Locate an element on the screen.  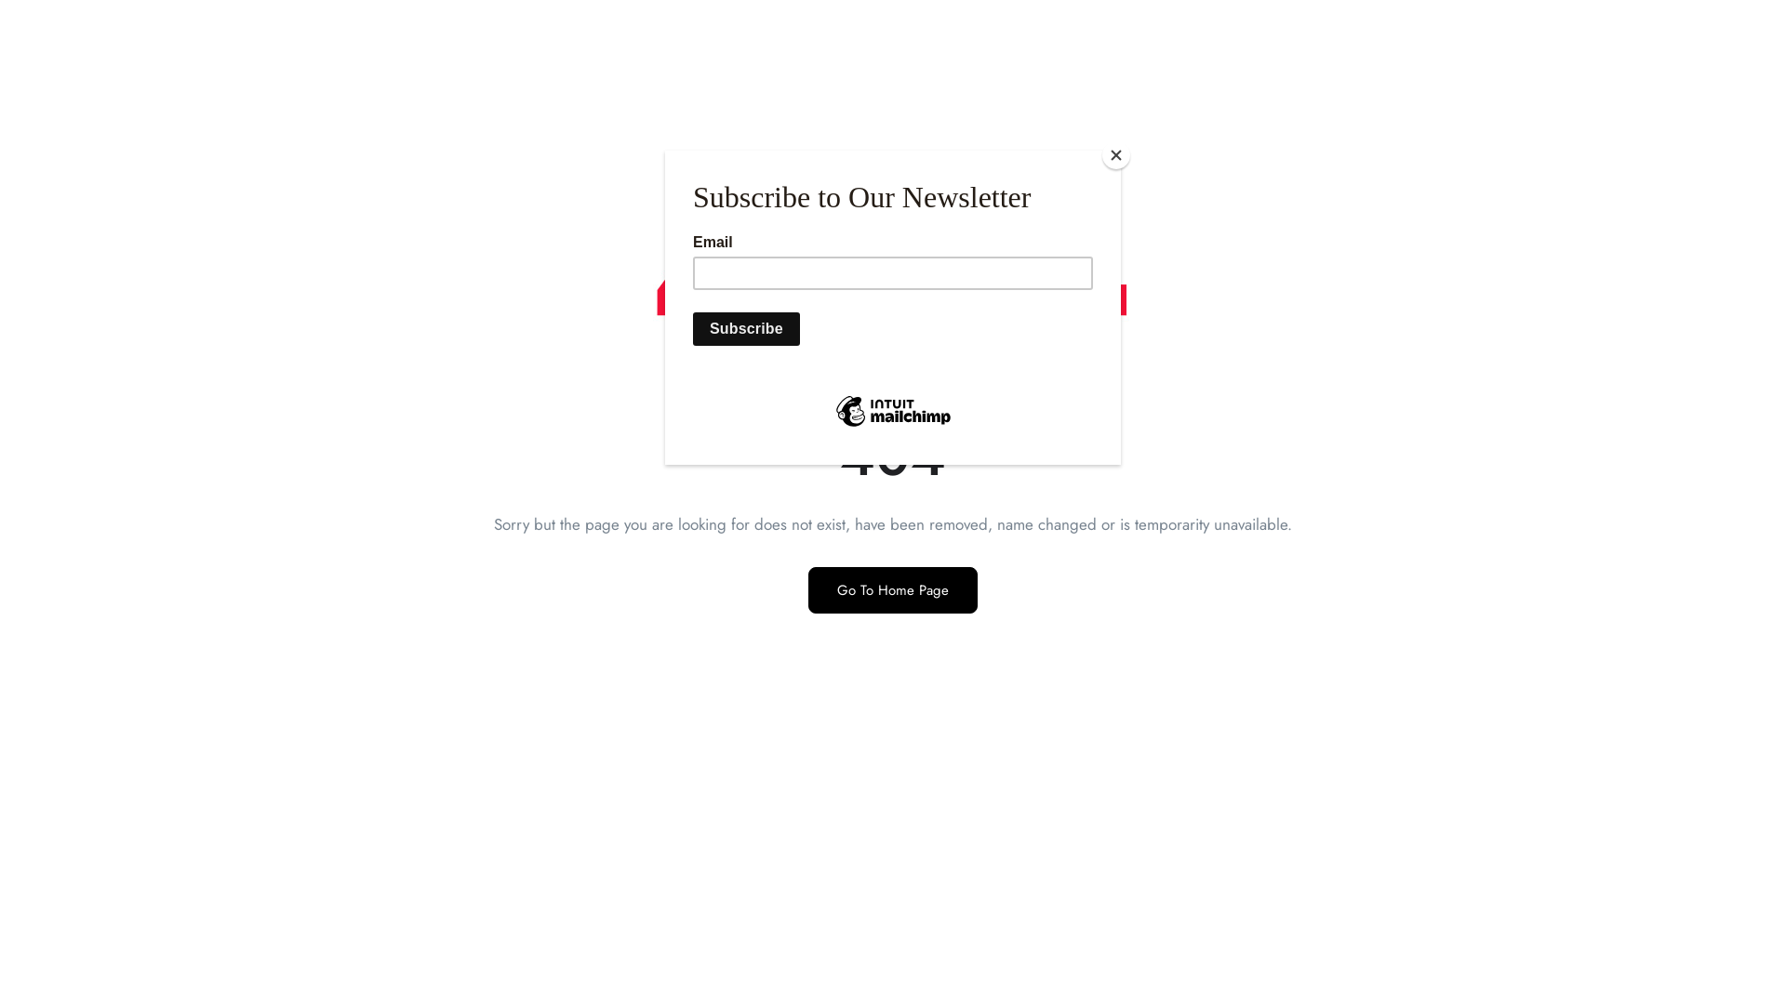
'Go To Home Page' is located at coordinates (893, 590).